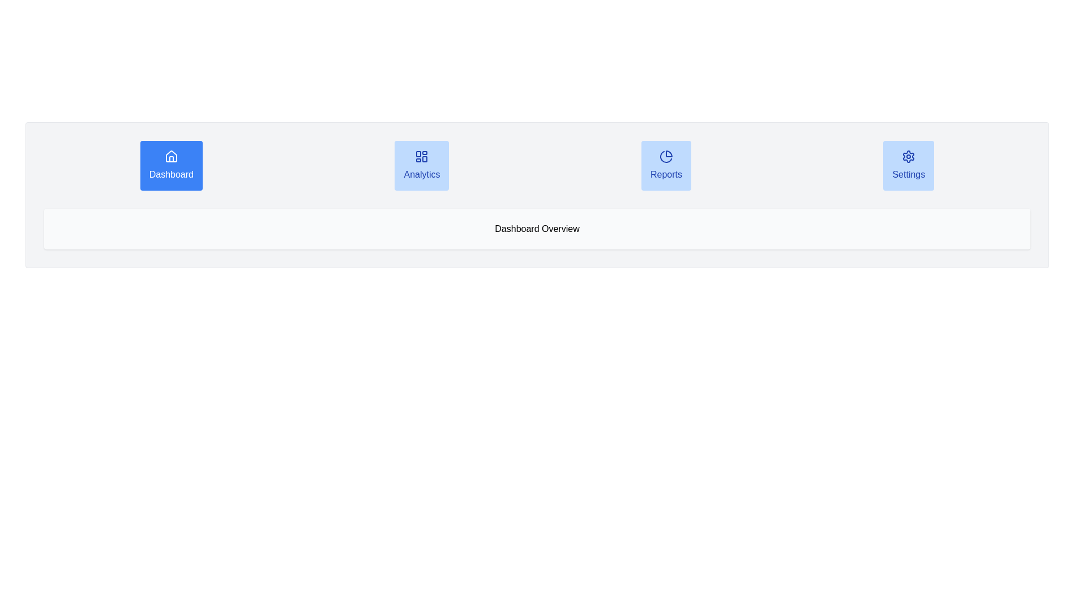  Describe the element at coordinates (170, 166) in the screenshot. I see `the first navigation button on the left side of the row` at that location.